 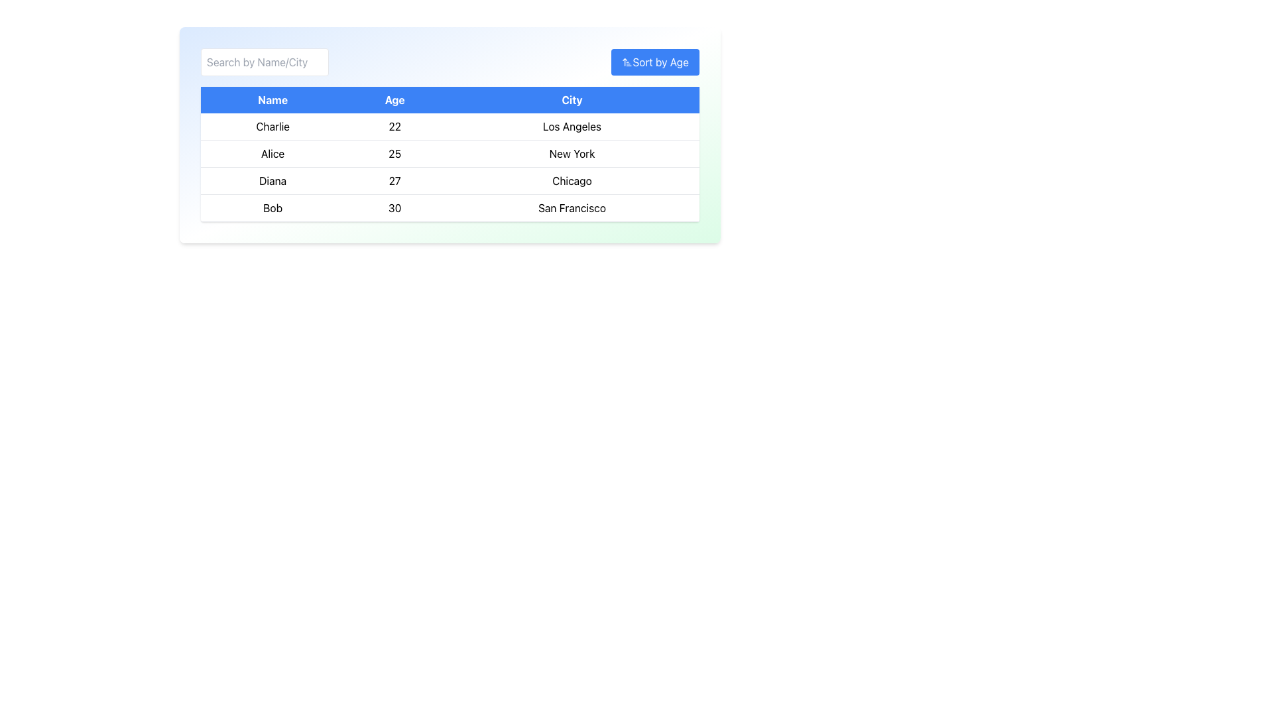 What do you see at coordinates (572, 181) in the screenshot?
I see `the text element representing the city associated with the person 'Diana', located in the third row of the table under the 'City' column` at bounding box center [572, 181].